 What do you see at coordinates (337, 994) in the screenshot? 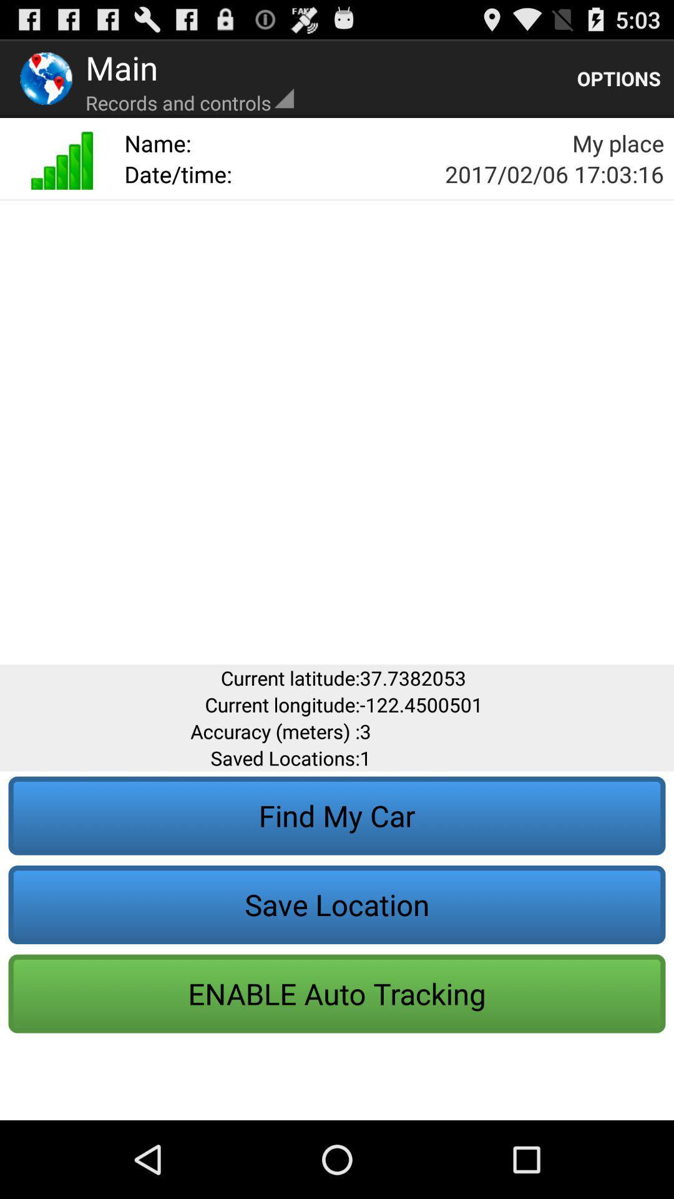
I see `the button below save location` at bounding box center [337, 994].